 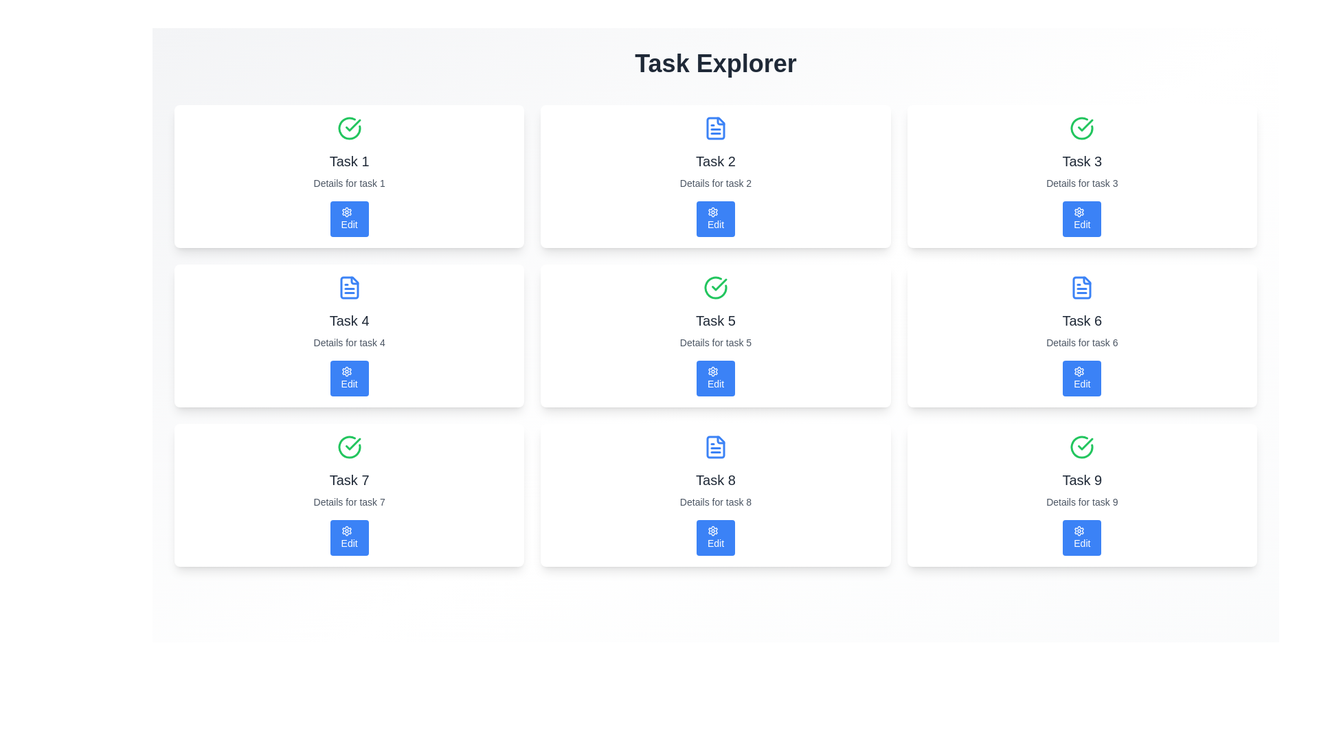 What do you see at coordinates (1081, 287) in the screenshot?
I see `the document icon located in the top-left corner of the 'Task 6' card` at bounding box center [1081, 287].